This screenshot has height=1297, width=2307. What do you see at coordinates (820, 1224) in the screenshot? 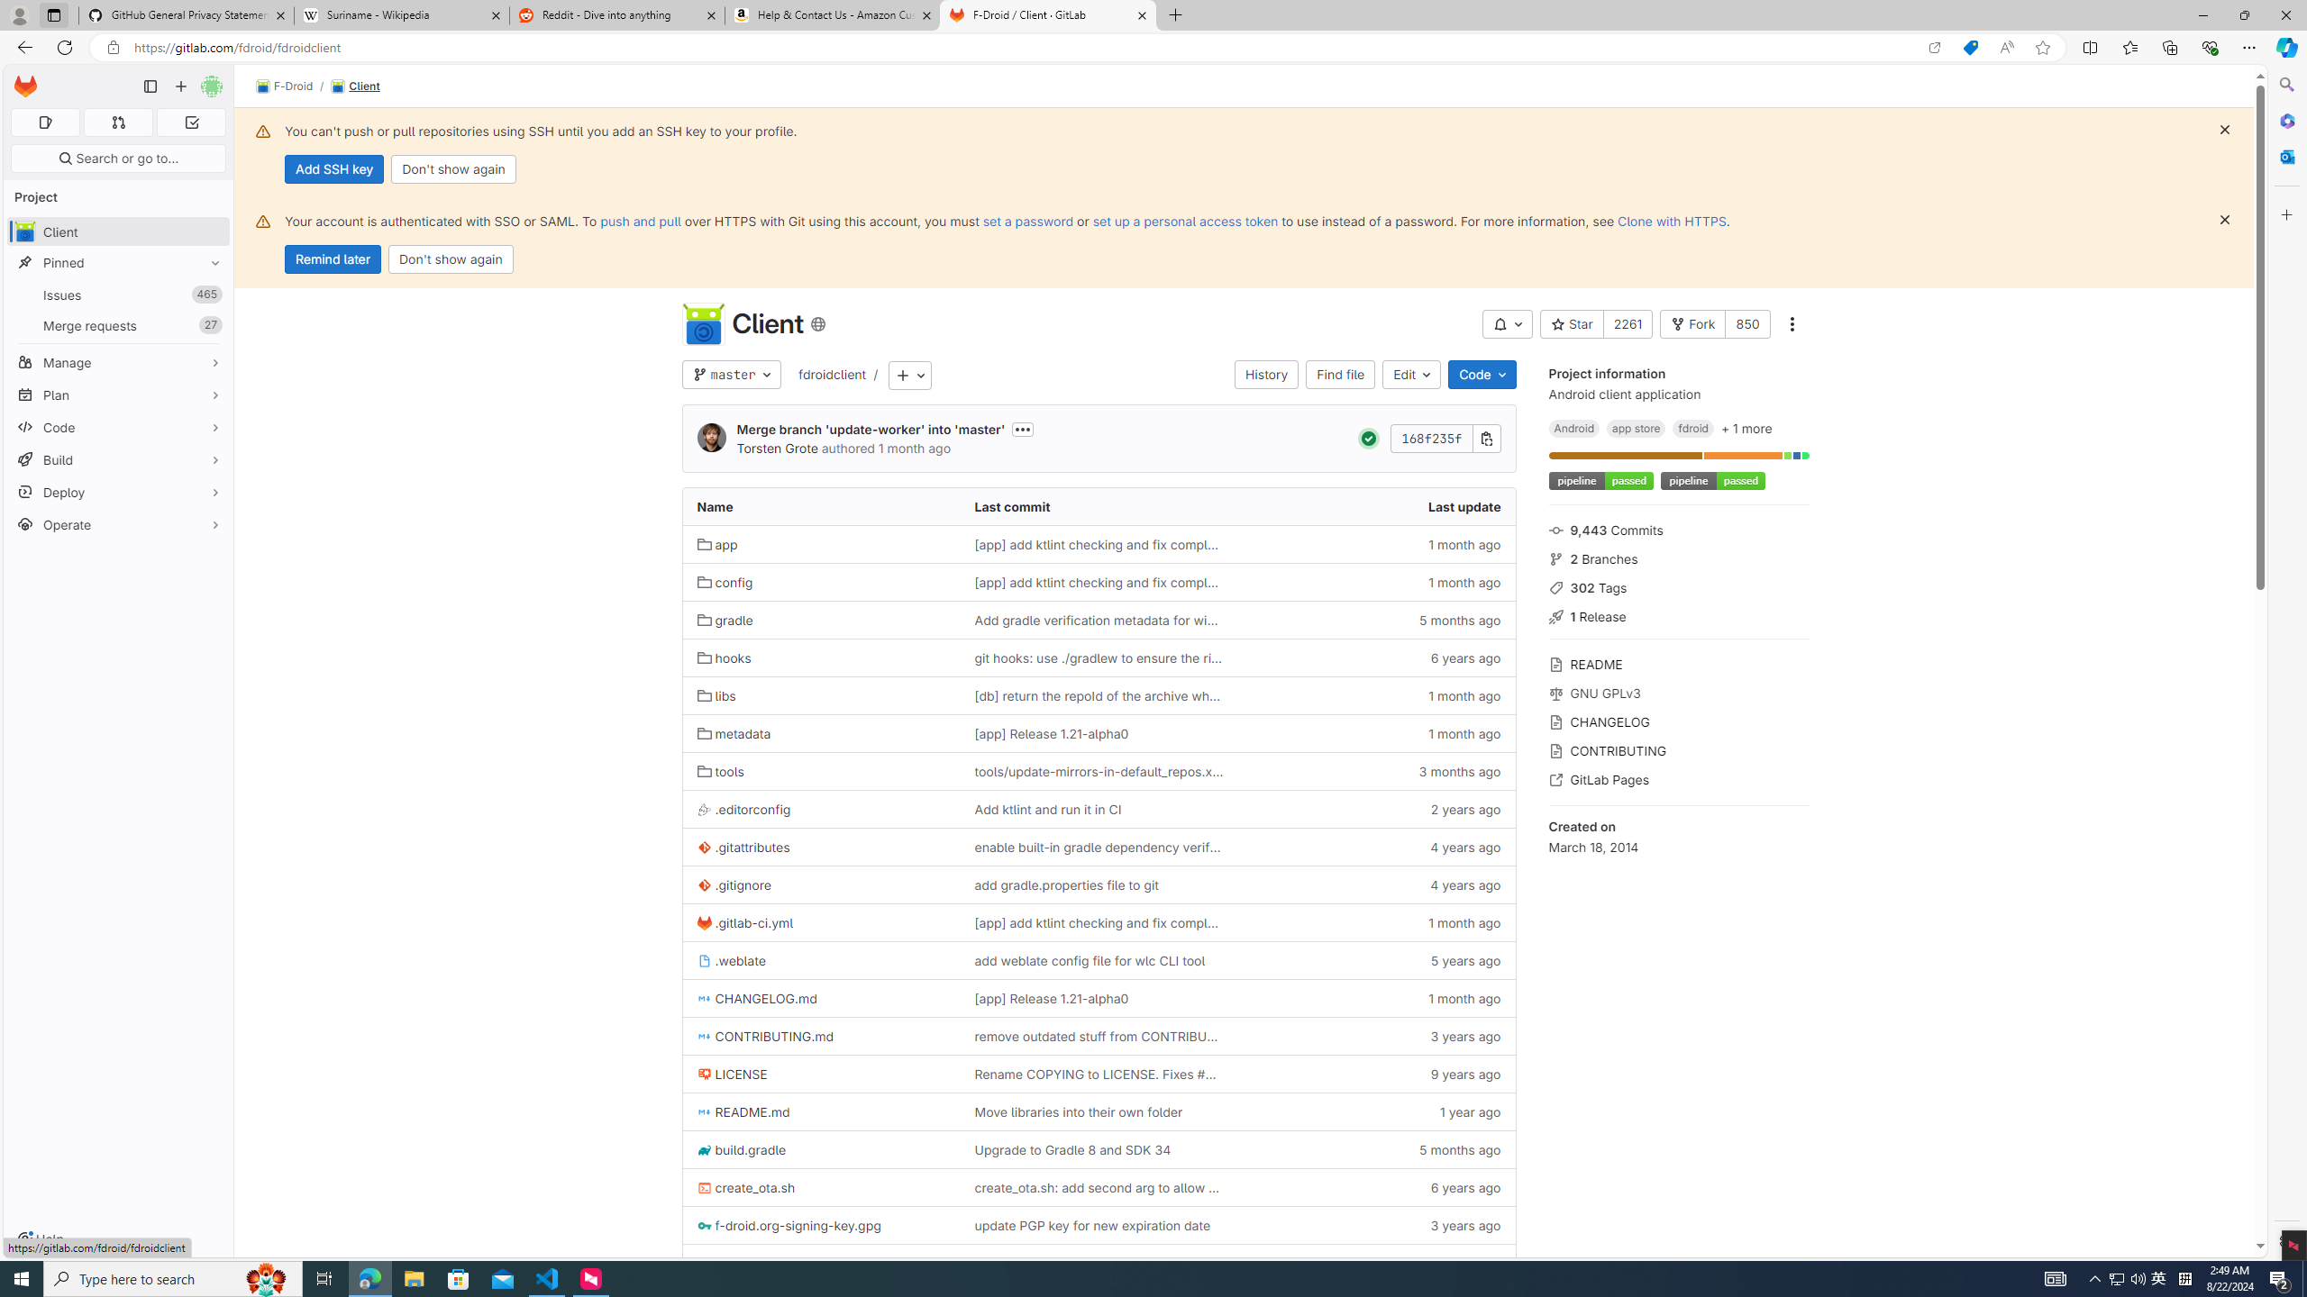
I see `'f-droid.org-signing-key.gpg'` at bounding box center [820, 1224].